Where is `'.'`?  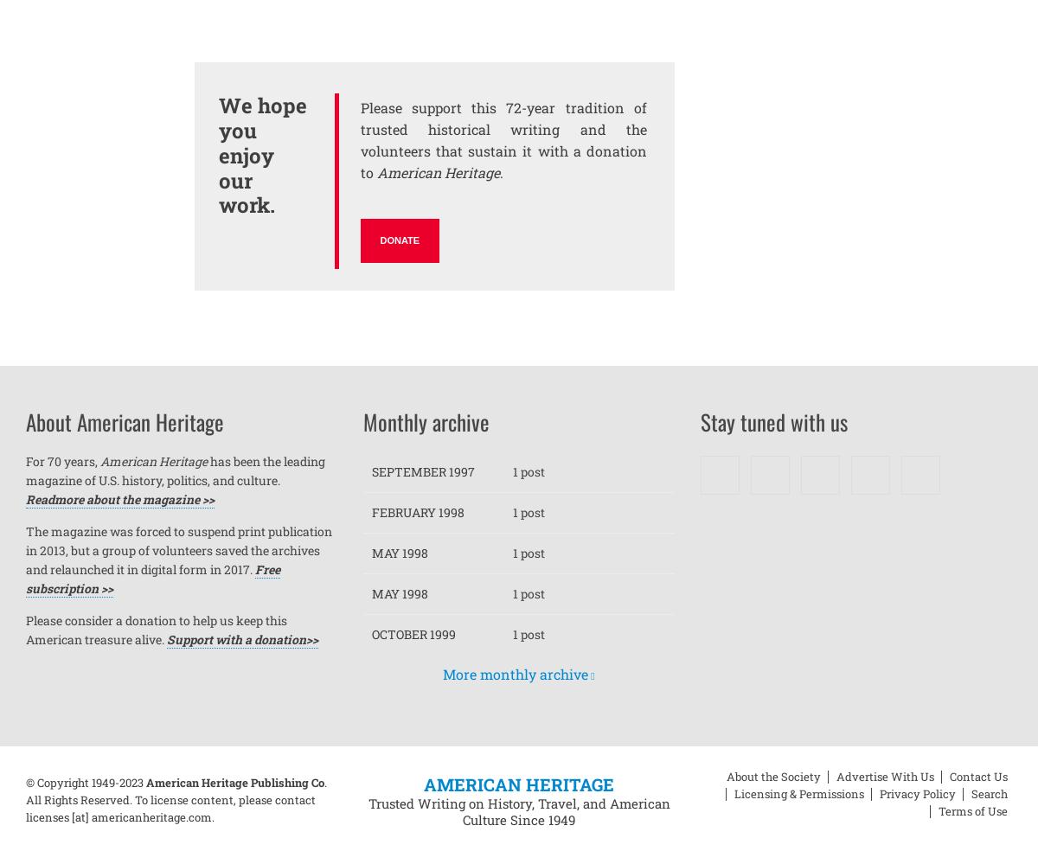 '.' is located at coordinates (500, 171).